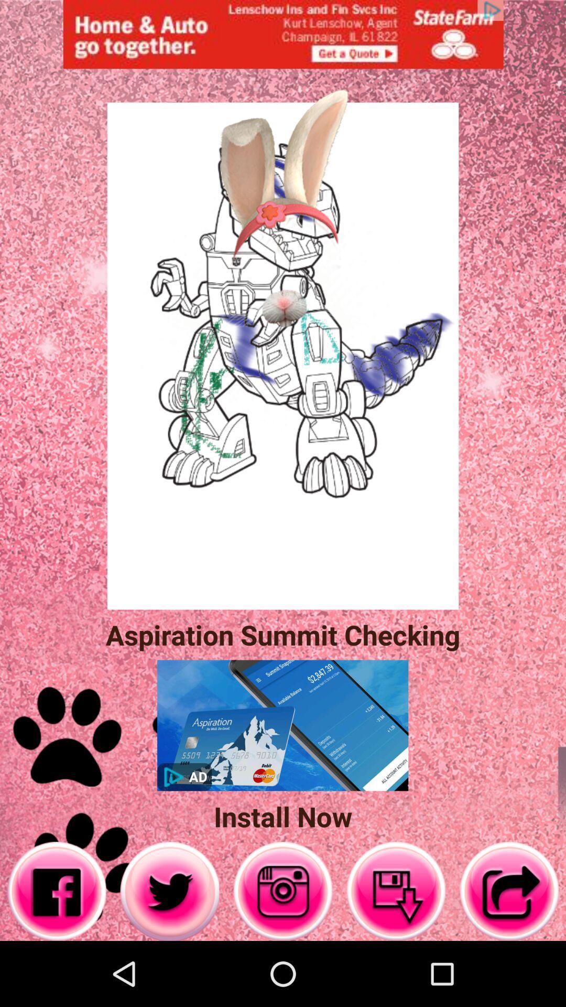  Describe the element at coordinates (57, 954) in the screenshot. I see `the facebook icon` at that location.